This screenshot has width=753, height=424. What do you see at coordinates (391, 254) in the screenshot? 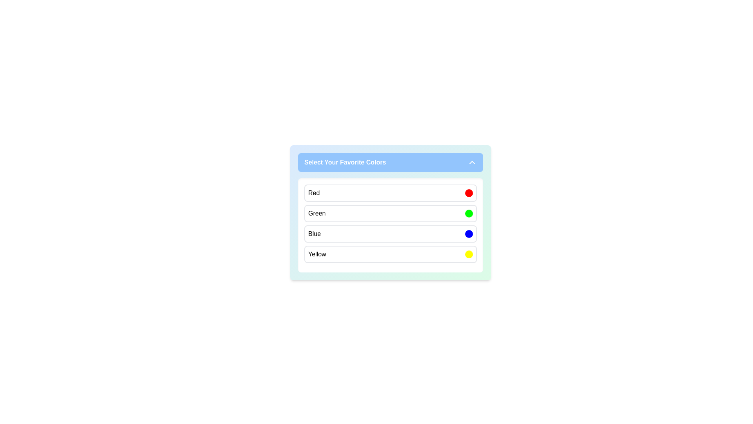
I see `the 'Yellow' option in the selectable list of colors` at bounding box center [391, 254].